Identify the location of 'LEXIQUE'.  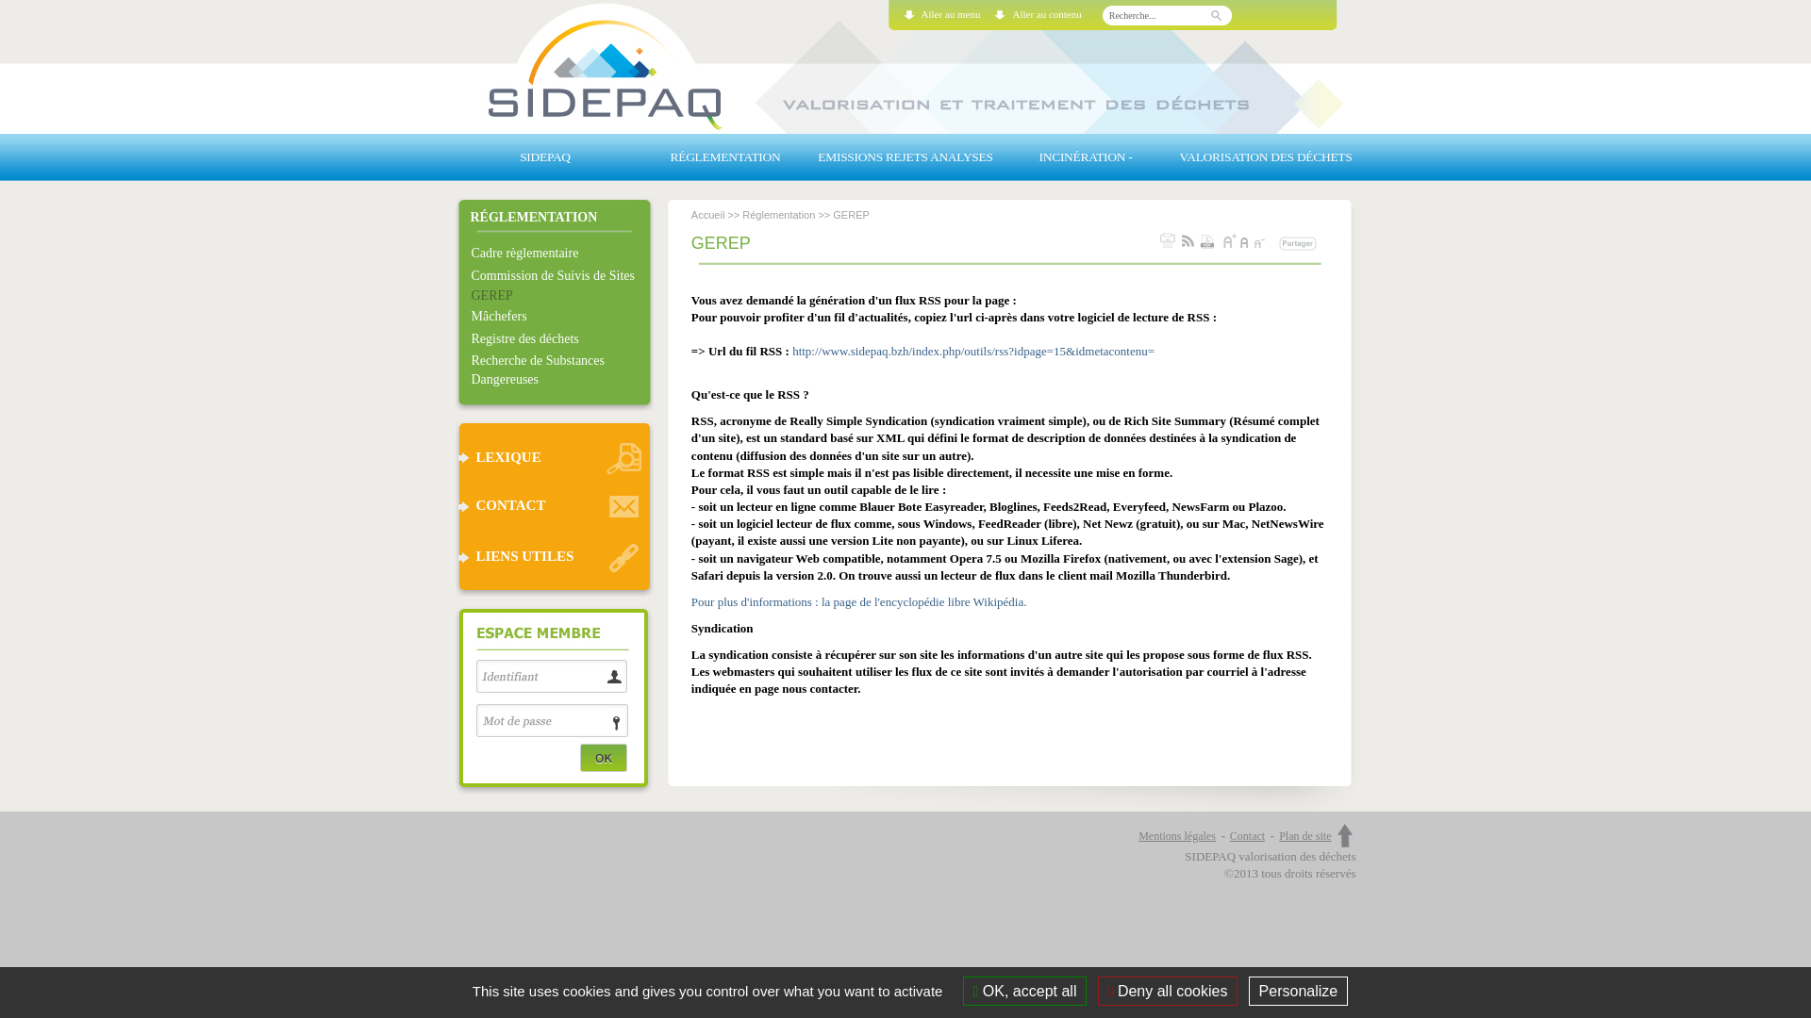
(454, 457).